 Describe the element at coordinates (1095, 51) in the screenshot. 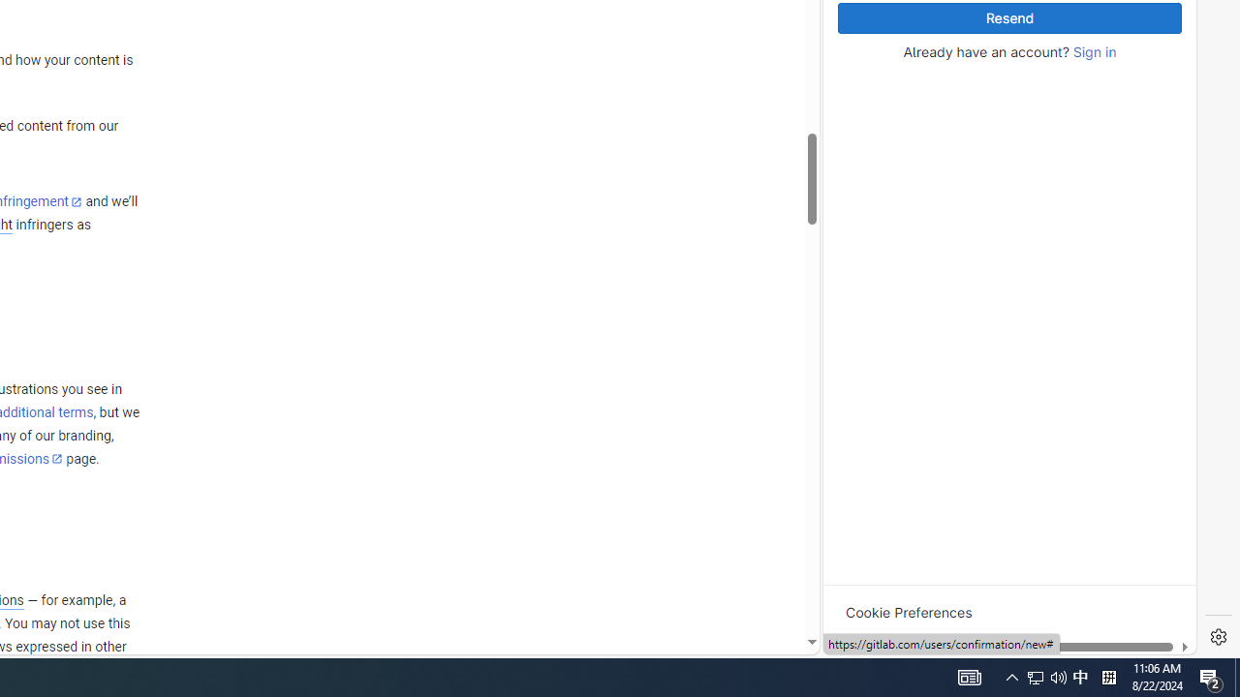

I see `'Sign in'` at that location.